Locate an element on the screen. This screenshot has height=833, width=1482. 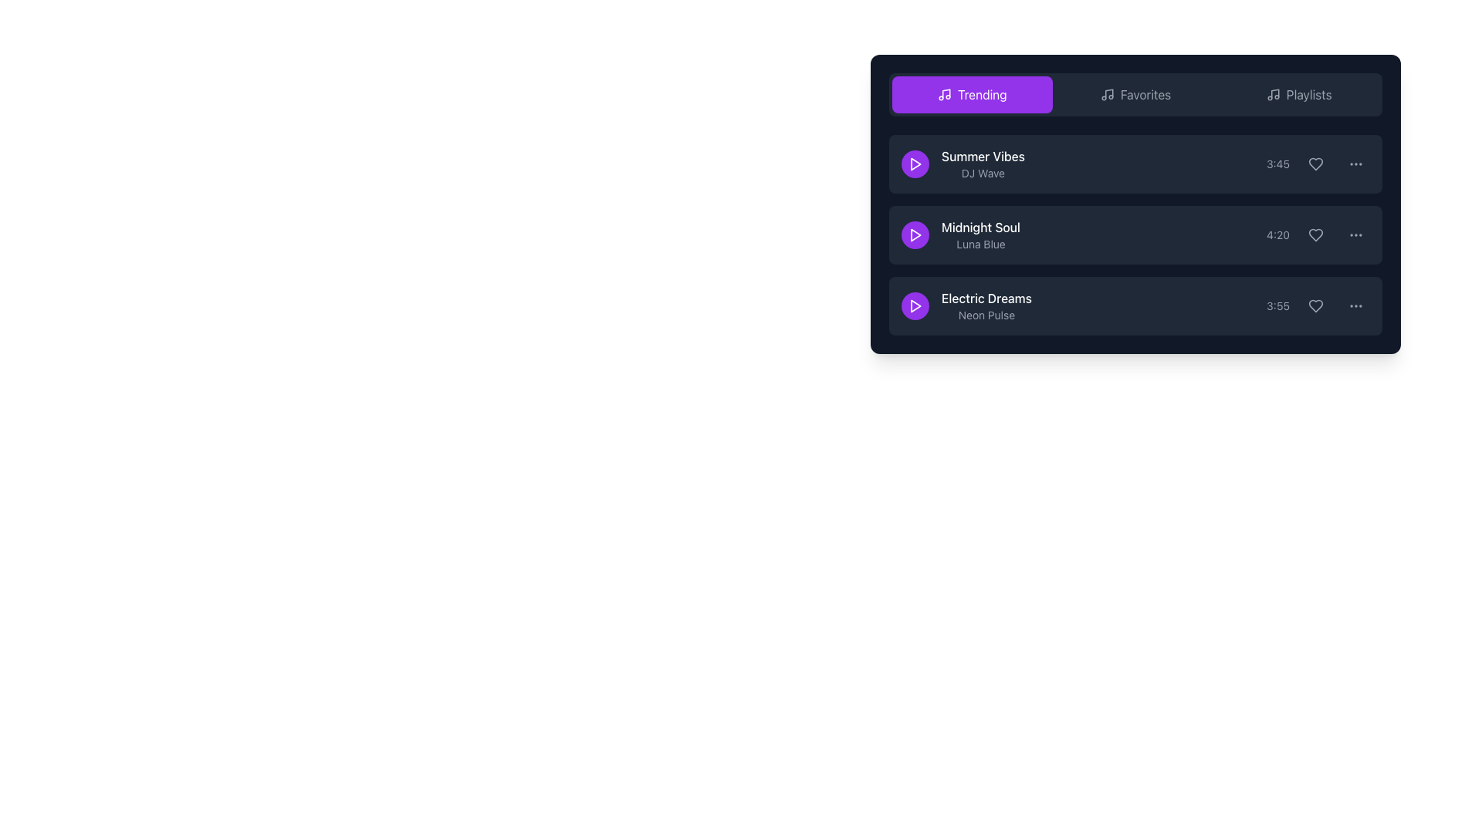
the heart icon located in the rightmost section of the first row of the list is located at coordinates (1315, 164).